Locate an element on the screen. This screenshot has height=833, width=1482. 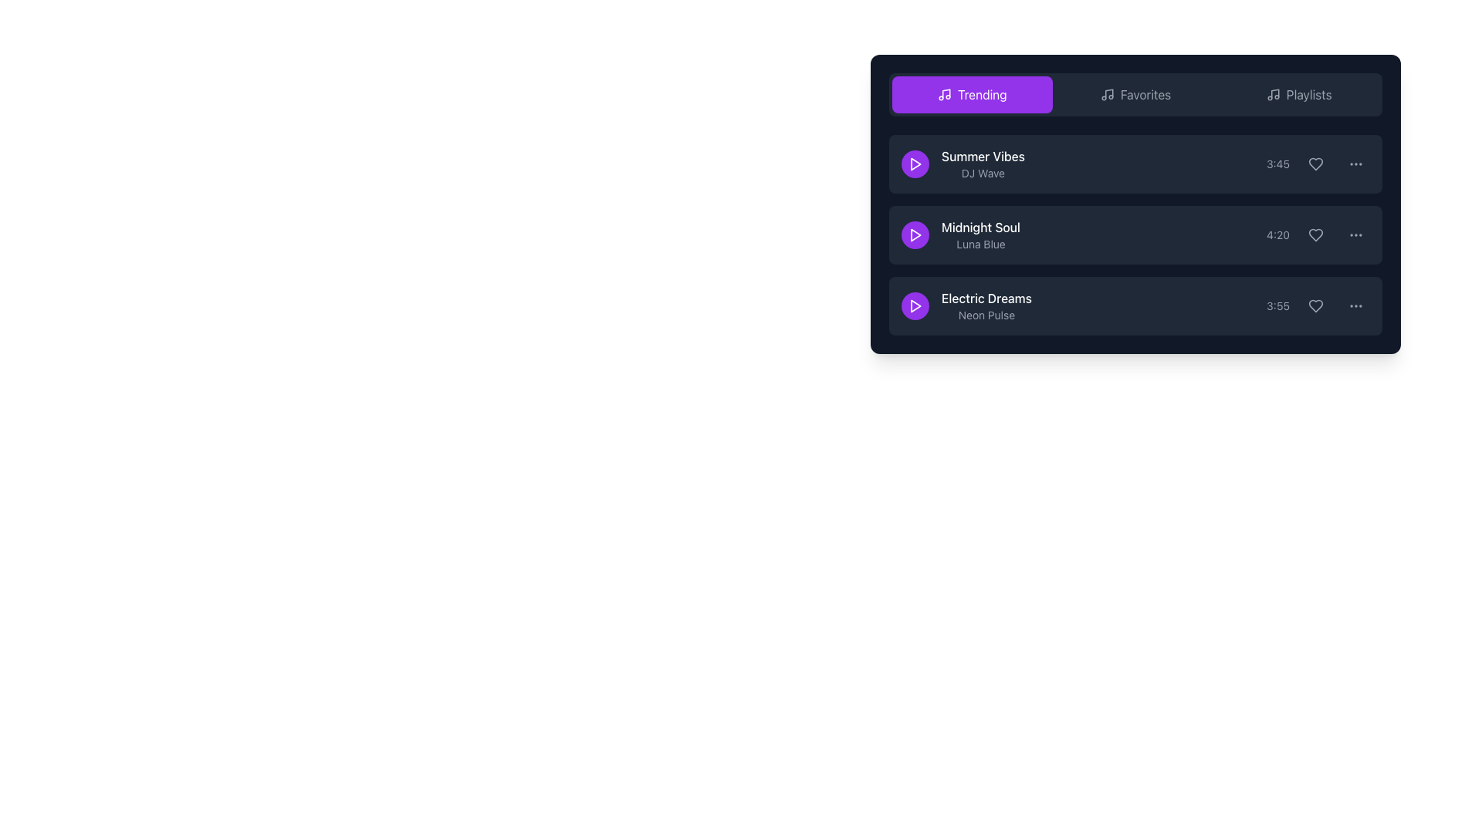
the heart icon located in the rightmost section of the first row of the list is located at coordinates (1315, 164).